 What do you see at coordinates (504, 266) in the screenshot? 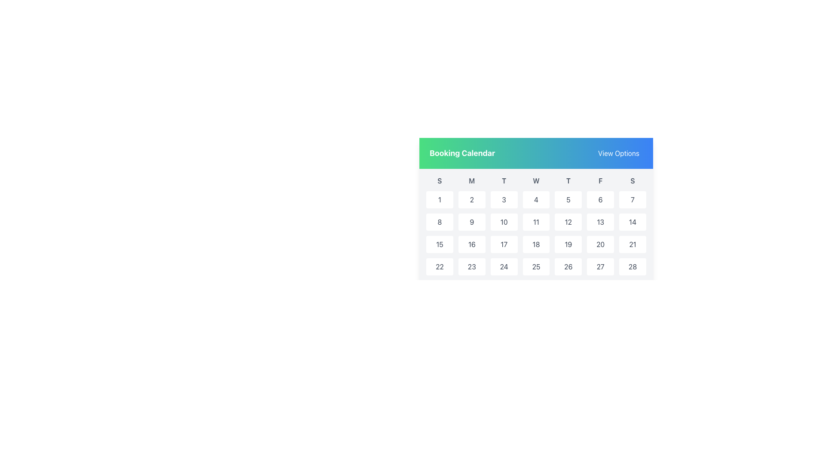
I see `on the text element displaying the date '24' within the fourth row and fourth column of the calendar grid for advanced options` at bounding box center [504, 266].